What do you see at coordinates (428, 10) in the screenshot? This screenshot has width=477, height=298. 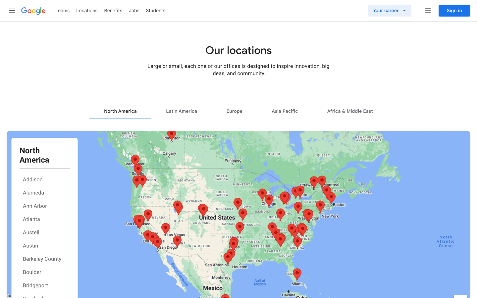 I see `Menu Bar` at bounding box center [428, 10].